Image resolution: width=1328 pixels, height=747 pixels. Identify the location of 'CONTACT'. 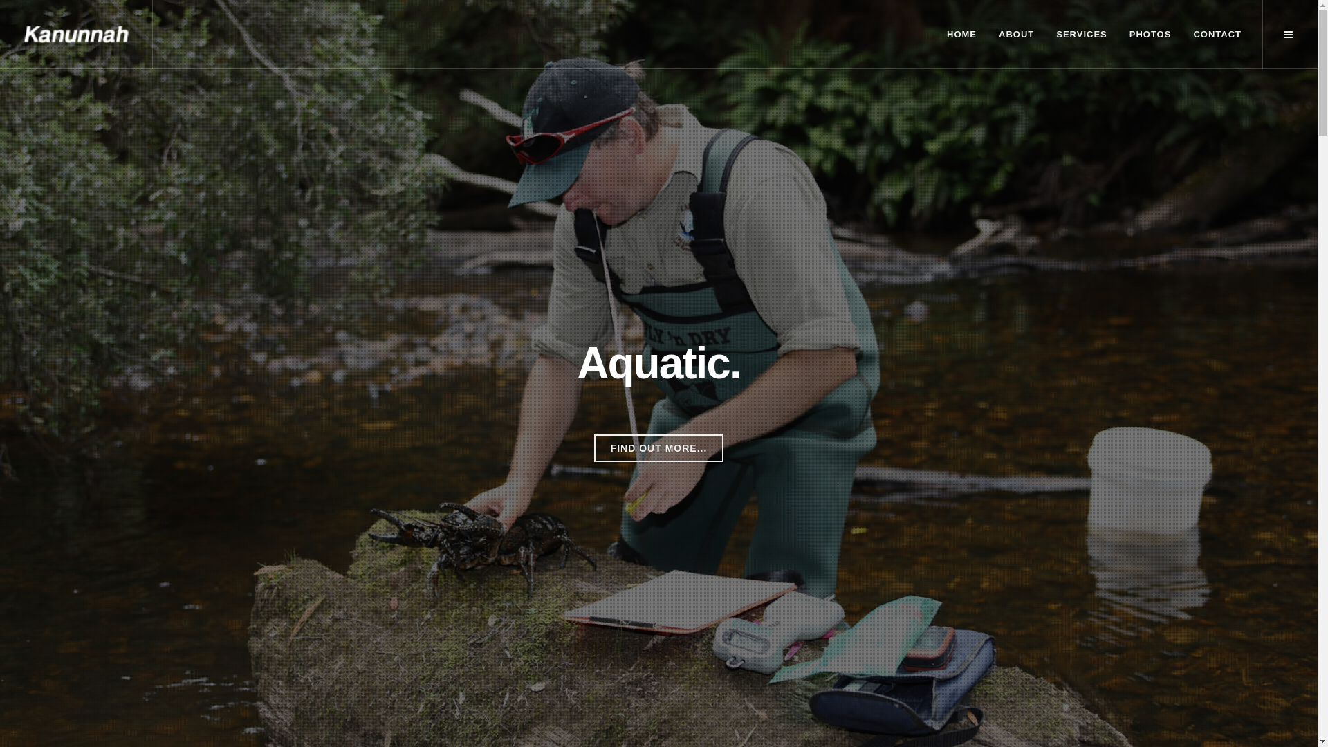
(1181, 34).